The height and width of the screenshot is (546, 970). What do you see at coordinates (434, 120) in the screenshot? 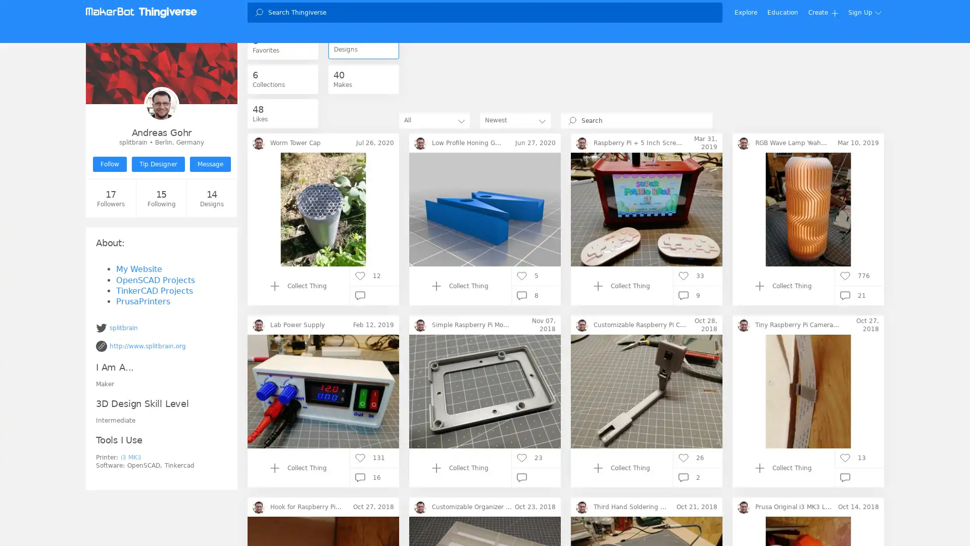
I see `All` at bounding box center [434, 120].